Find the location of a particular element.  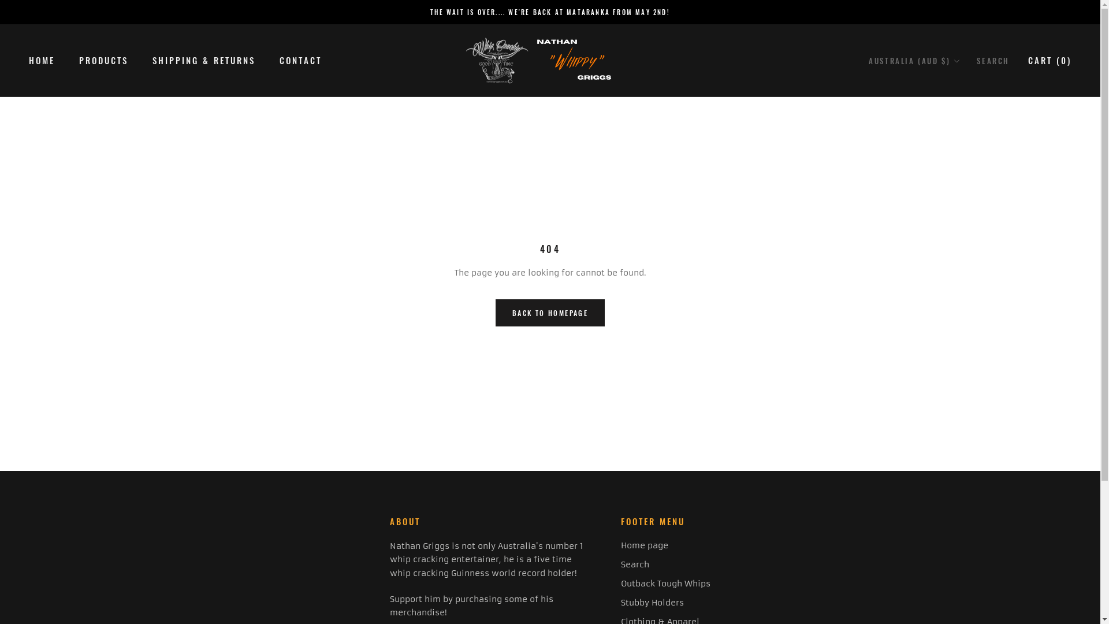

'THE WAIT IS OVER.... WE'RE BACK AT MATARANKA FROM MAY 2ND!' is located at coordinates (549, 12).